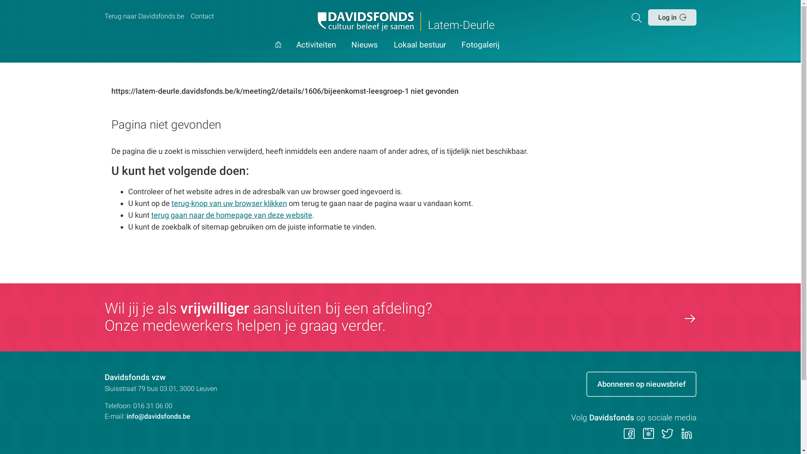 The image size is (807, 454). What do you see at coordinates (419, 52) in the screenshot?
I see `'Lokaal bestuur'` at bounding box center [419, 52].